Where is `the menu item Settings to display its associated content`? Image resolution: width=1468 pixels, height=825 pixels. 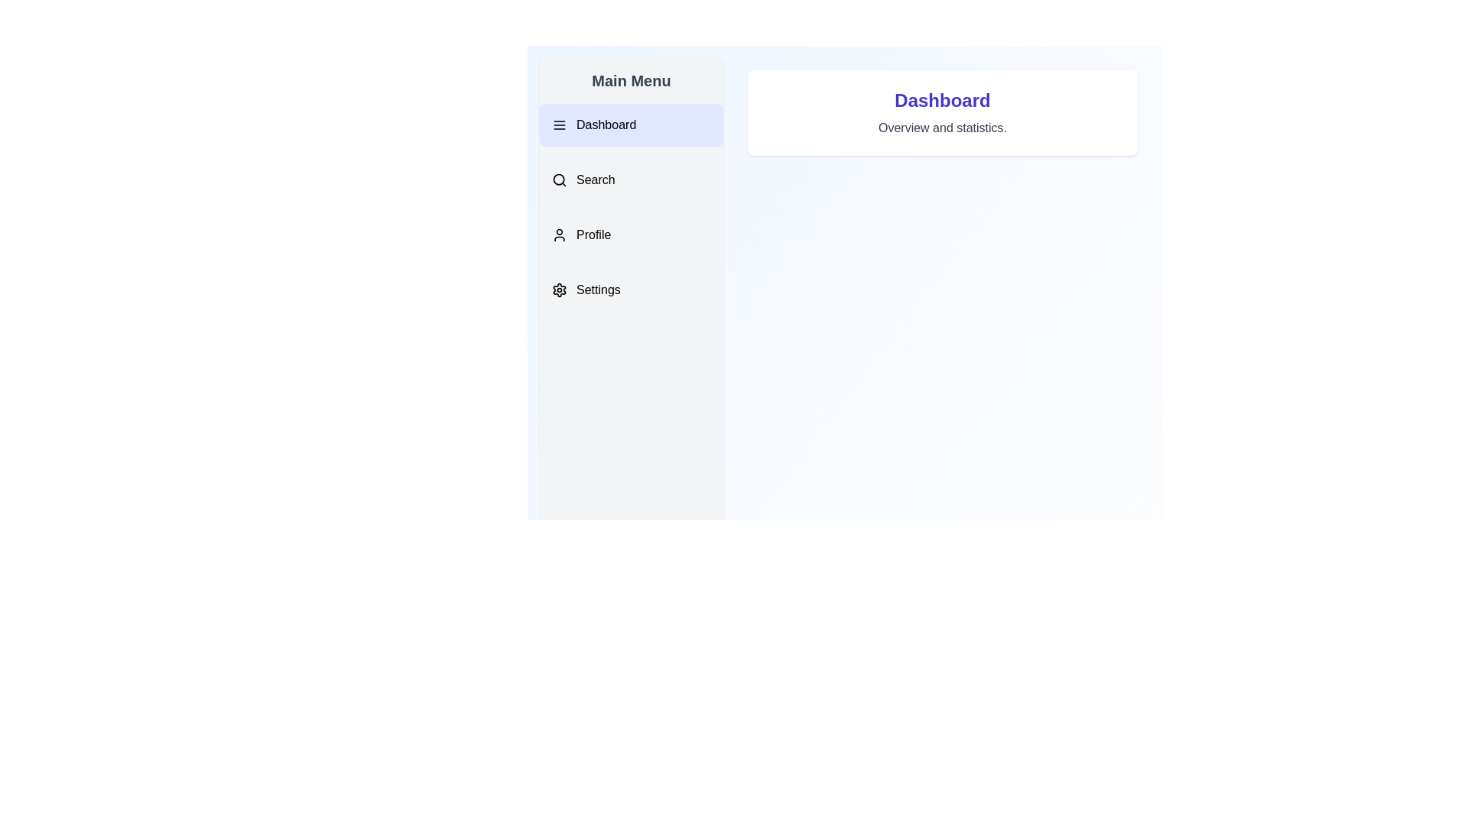
the menu item Settings to display its associated content is located at coordinates (631, 290).